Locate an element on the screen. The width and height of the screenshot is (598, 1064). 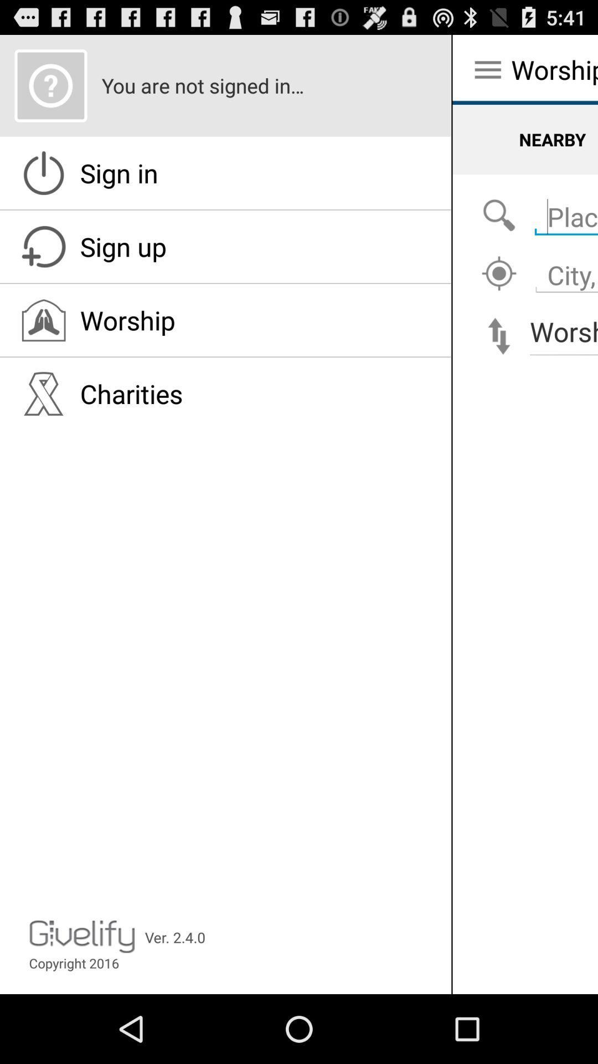
search locations is located at coordinates (564, 269).